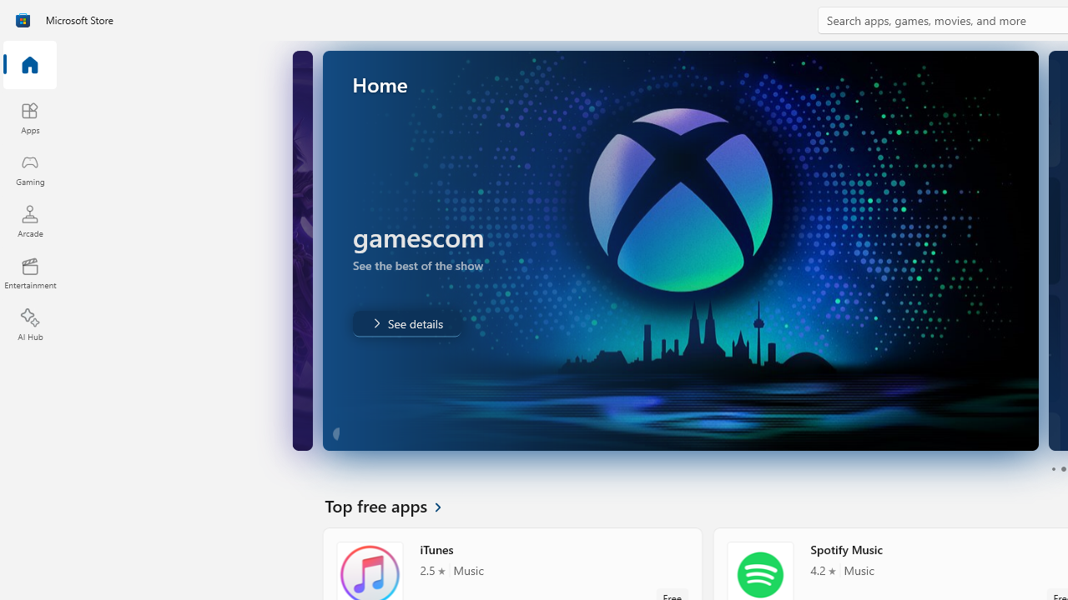 The width and height of the screenshot is (1068, 600). What do you see at coordinates (29, 117) in the screenshot?
I see `'Apps'` at bounding box center [29, 117].